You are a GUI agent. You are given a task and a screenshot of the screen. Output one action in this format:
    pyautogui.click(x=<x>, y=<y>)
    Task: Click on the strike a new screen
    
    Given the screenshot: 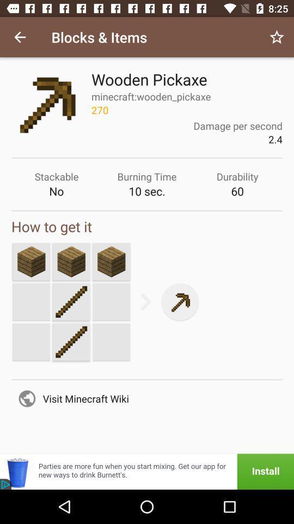 What is the action you would take?
    pyautogui.click(x=31, y=261)
    